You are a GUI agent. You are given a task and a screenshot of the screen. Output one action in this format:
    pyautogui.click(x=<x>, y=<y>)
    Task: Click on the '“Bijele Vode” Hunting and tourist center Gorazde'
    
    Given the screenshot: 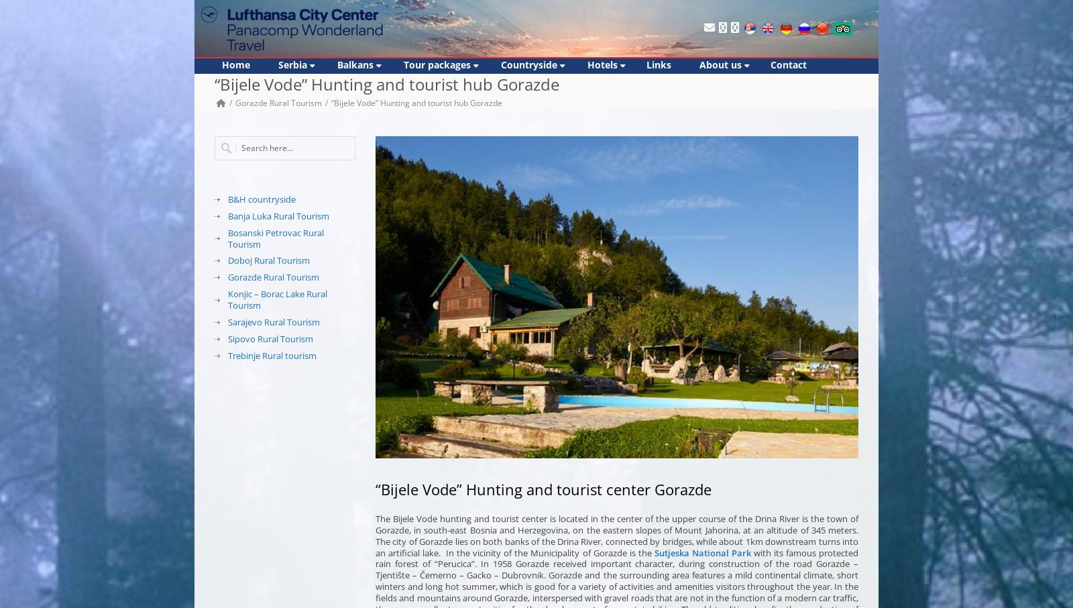 What is the action you would take?
    pyautogui.click(x=375, y=487)
    